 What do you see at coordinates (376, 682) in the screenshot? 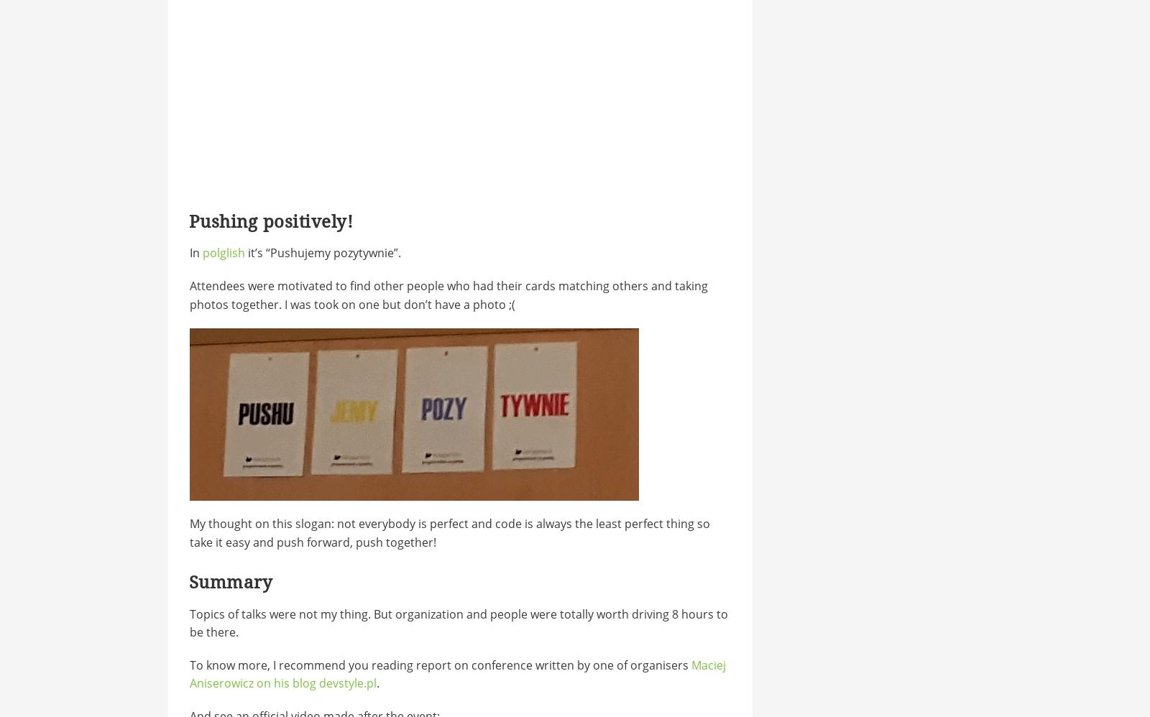
I see `'.'` at bounding box center [376, 682].